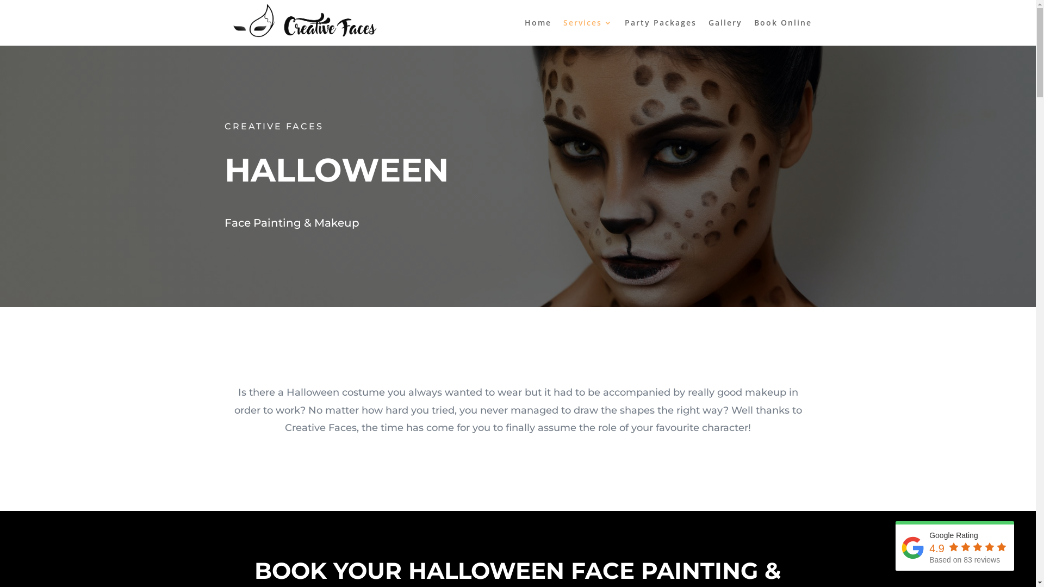 The height and width of the screenshot is (587, 1044). What do you see at coordinates (563, 32) in the screenshot?
I see `'Services'` at bounding box center [563, 32].